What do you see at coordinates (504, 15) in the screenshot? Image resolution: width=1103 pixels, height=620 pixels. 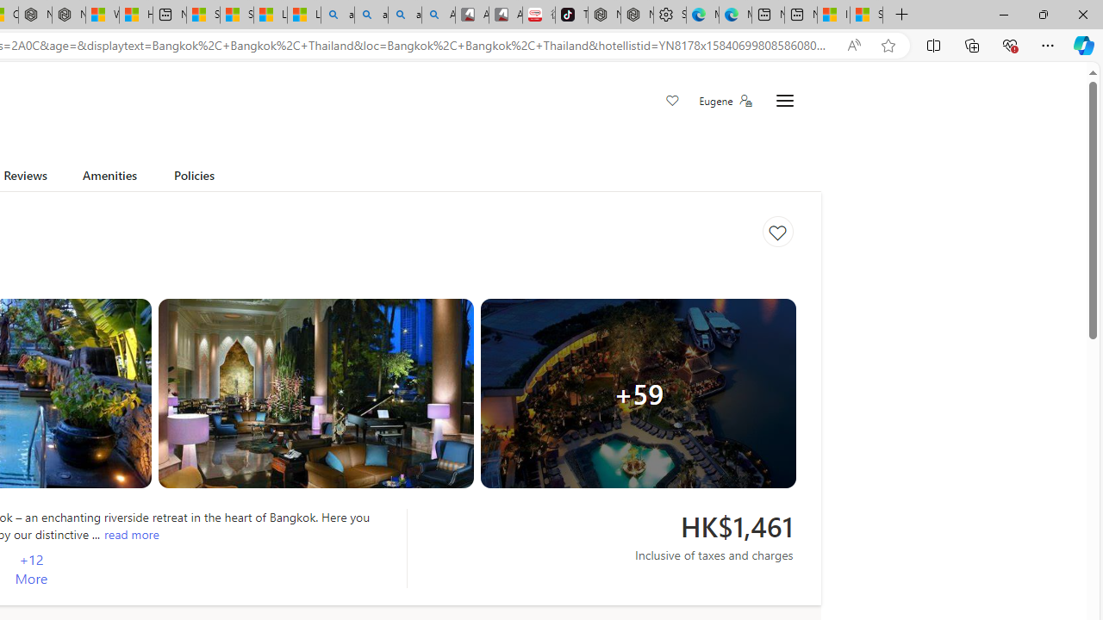 I see `'All Cubot phones'` at bounding box center [504, 15].